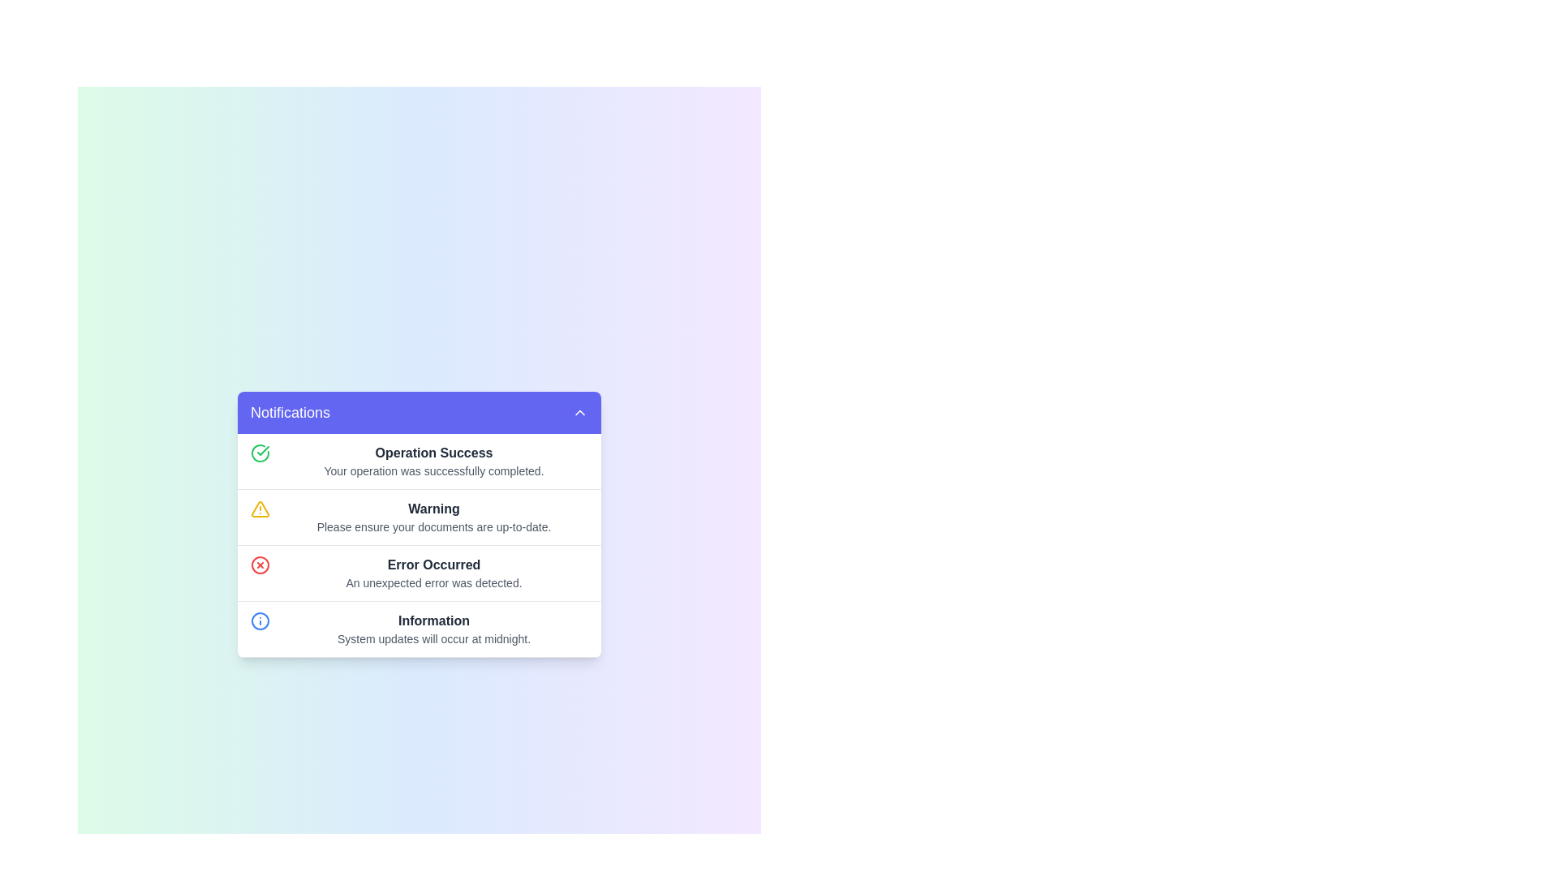 This screenshot has width=1558, height=876. What do you see at coordinates (420, 525) in the screenshot?
I see `the Notification Panel that has a purple header titled 'Notifications' and displays multiple notification items with icons and text` at bounding box center [420, 525].